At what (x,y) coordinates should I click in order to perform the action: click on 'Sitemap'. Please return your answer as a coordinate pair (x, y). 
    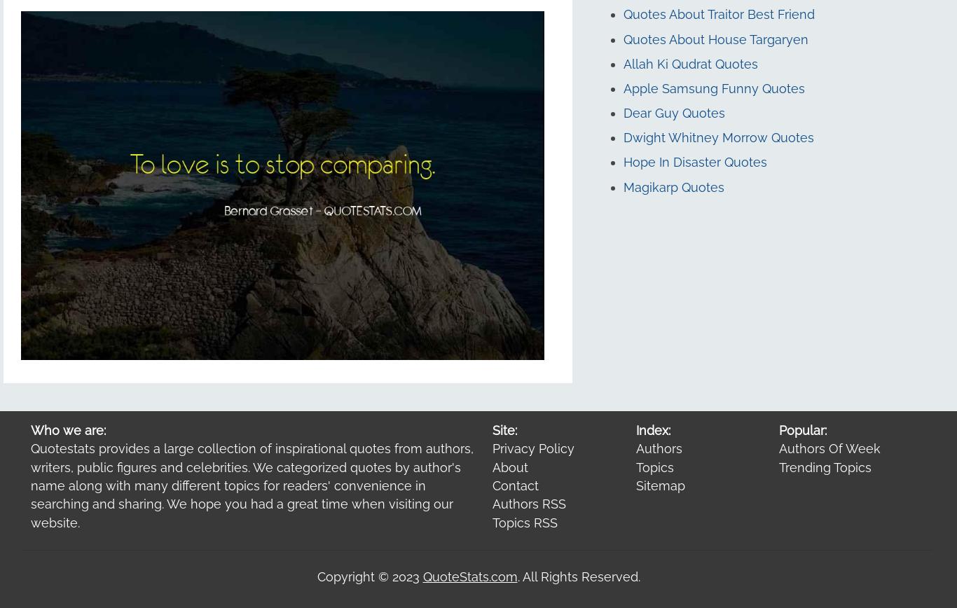
    Looking at the image, I should click on (635, 485).